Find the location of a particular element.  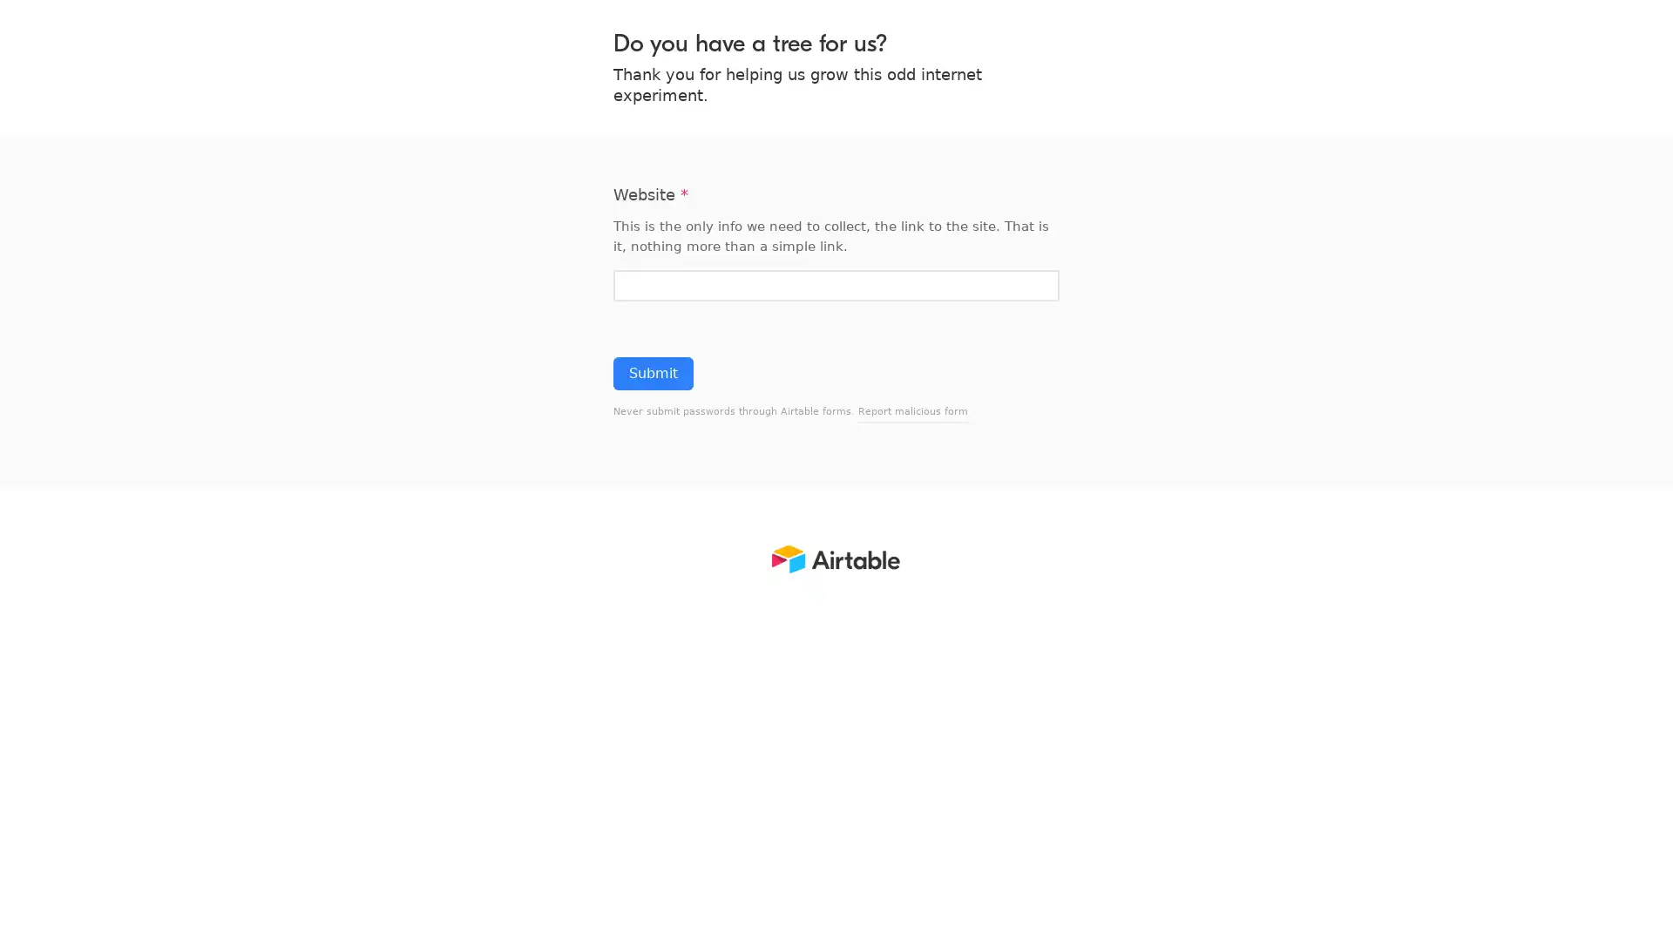

Report malicious form is located at coordinates (911, 413).